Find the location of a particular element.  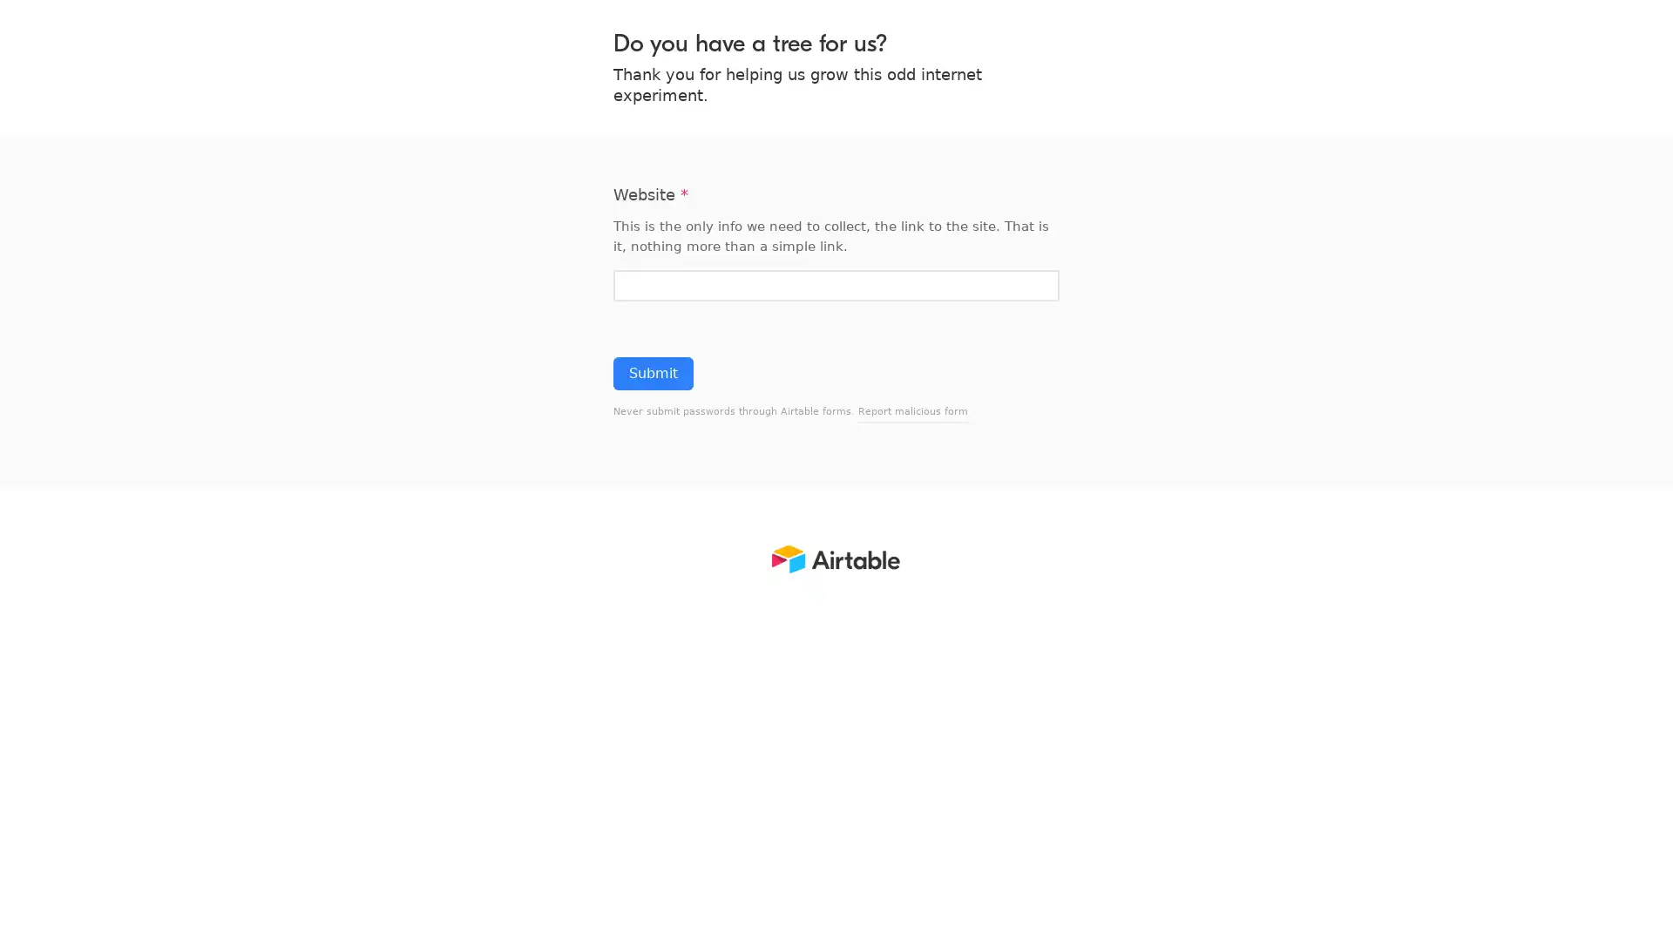

Report malicious form is located at coordinates (911, 413).